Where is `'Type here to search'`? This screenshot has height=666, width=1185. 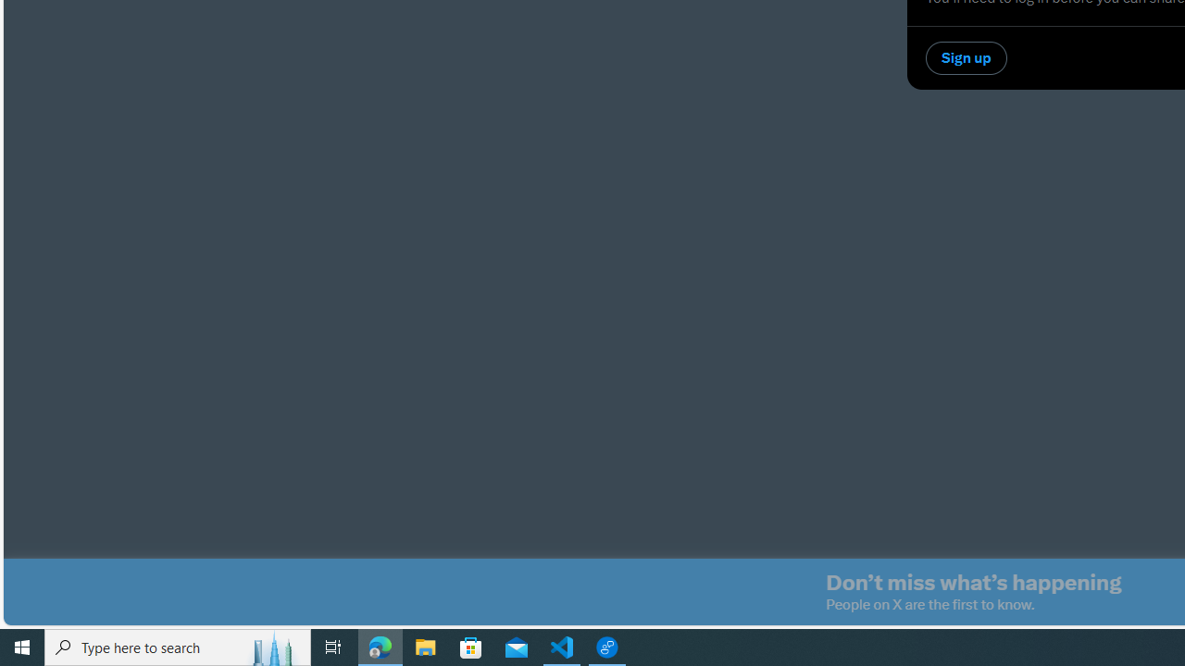
'Type here to search' is located at coordinates (178, 646).